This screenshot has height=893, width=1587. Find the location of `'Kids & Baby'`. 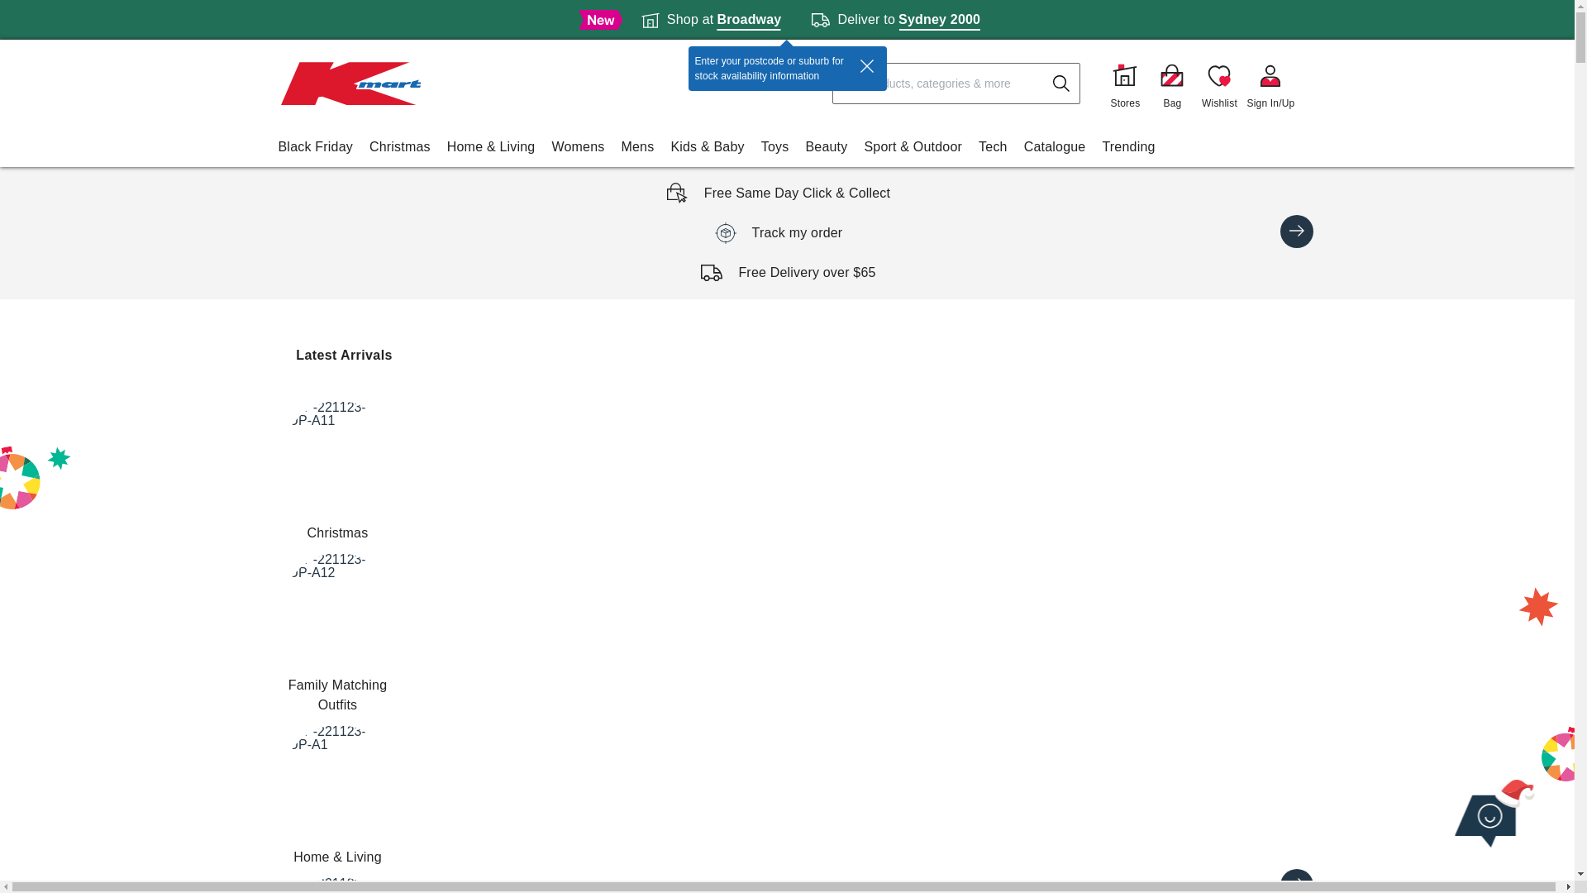

'Kids & Baby' is located at coordinates (707, 146).